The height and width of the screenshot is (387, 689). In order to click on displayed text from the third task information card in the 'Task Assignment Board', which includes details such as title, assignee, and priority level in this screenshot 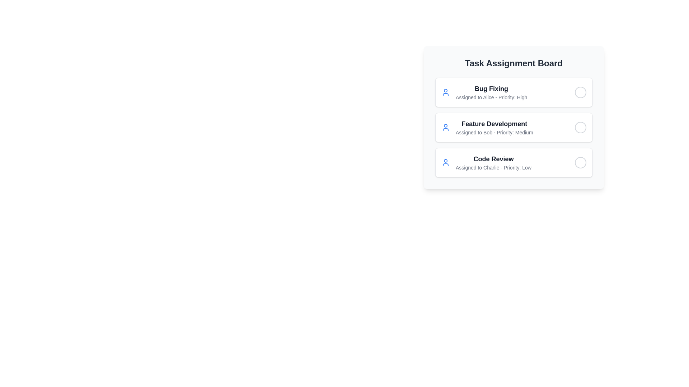, I will do `click(486, 163)`.